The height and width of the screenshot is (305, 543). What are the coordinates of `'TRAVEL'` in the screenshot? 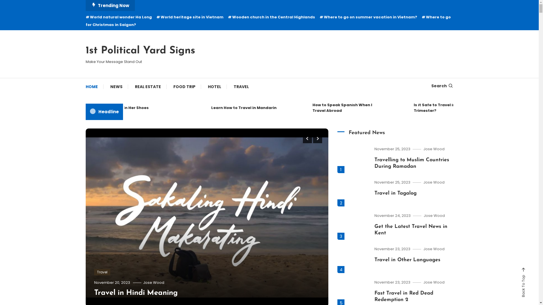 It's located at (241, 87).